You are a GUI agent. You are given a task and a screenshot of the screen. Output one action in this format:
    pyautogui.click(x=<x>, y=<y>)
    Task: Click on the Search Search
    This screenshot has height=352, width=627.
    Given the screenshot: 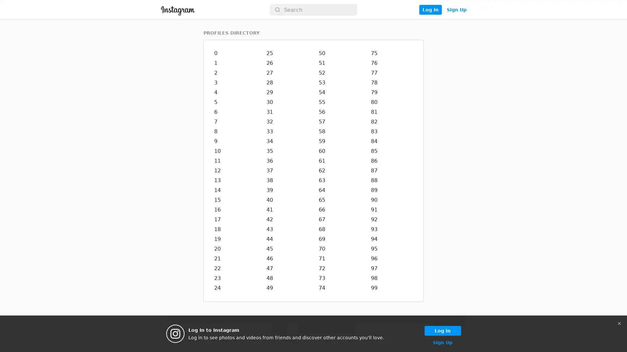 What is the action you would take?
    pyautogui.click(x=313, y=10)
    